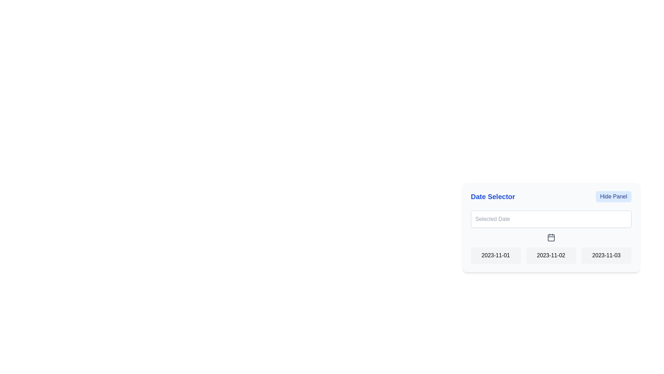 The width and height of the screenshot is (664, 374). Describe the element at coordinates (551, 237) in the screenshot. I see `the calendar icon located below the 'Selected Date' label and above the row of date buttons, to trigger the date-picker interface` at that location.